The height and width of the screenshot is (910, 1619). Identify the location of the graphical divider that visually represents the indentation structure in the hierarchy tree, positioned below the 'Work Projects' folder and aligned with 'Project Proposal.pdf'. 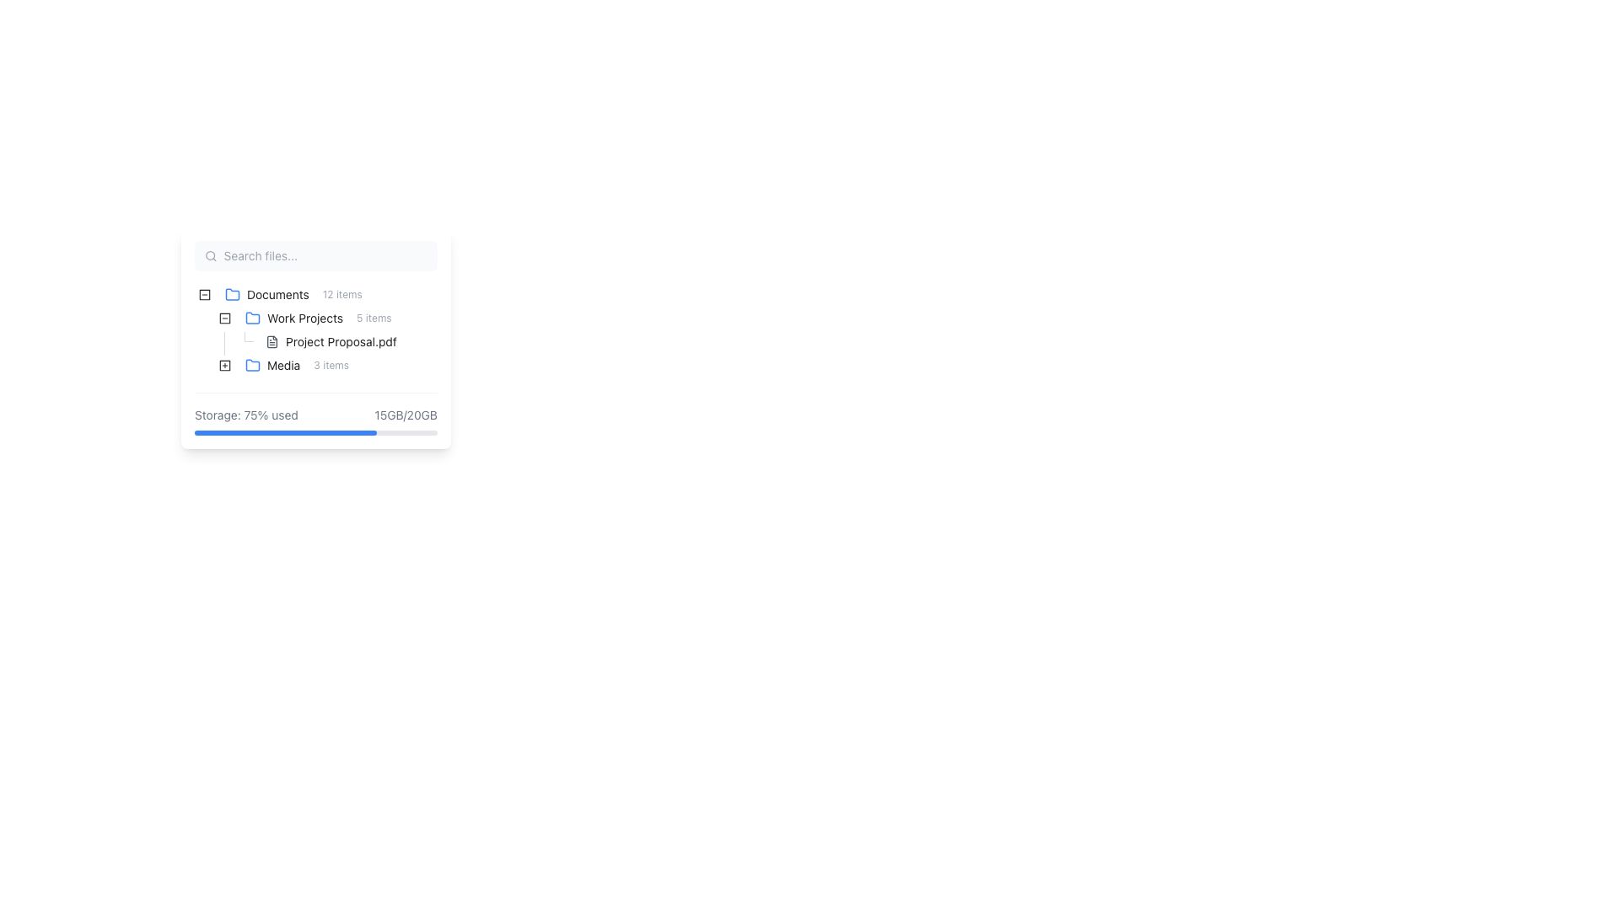
(224, 341).